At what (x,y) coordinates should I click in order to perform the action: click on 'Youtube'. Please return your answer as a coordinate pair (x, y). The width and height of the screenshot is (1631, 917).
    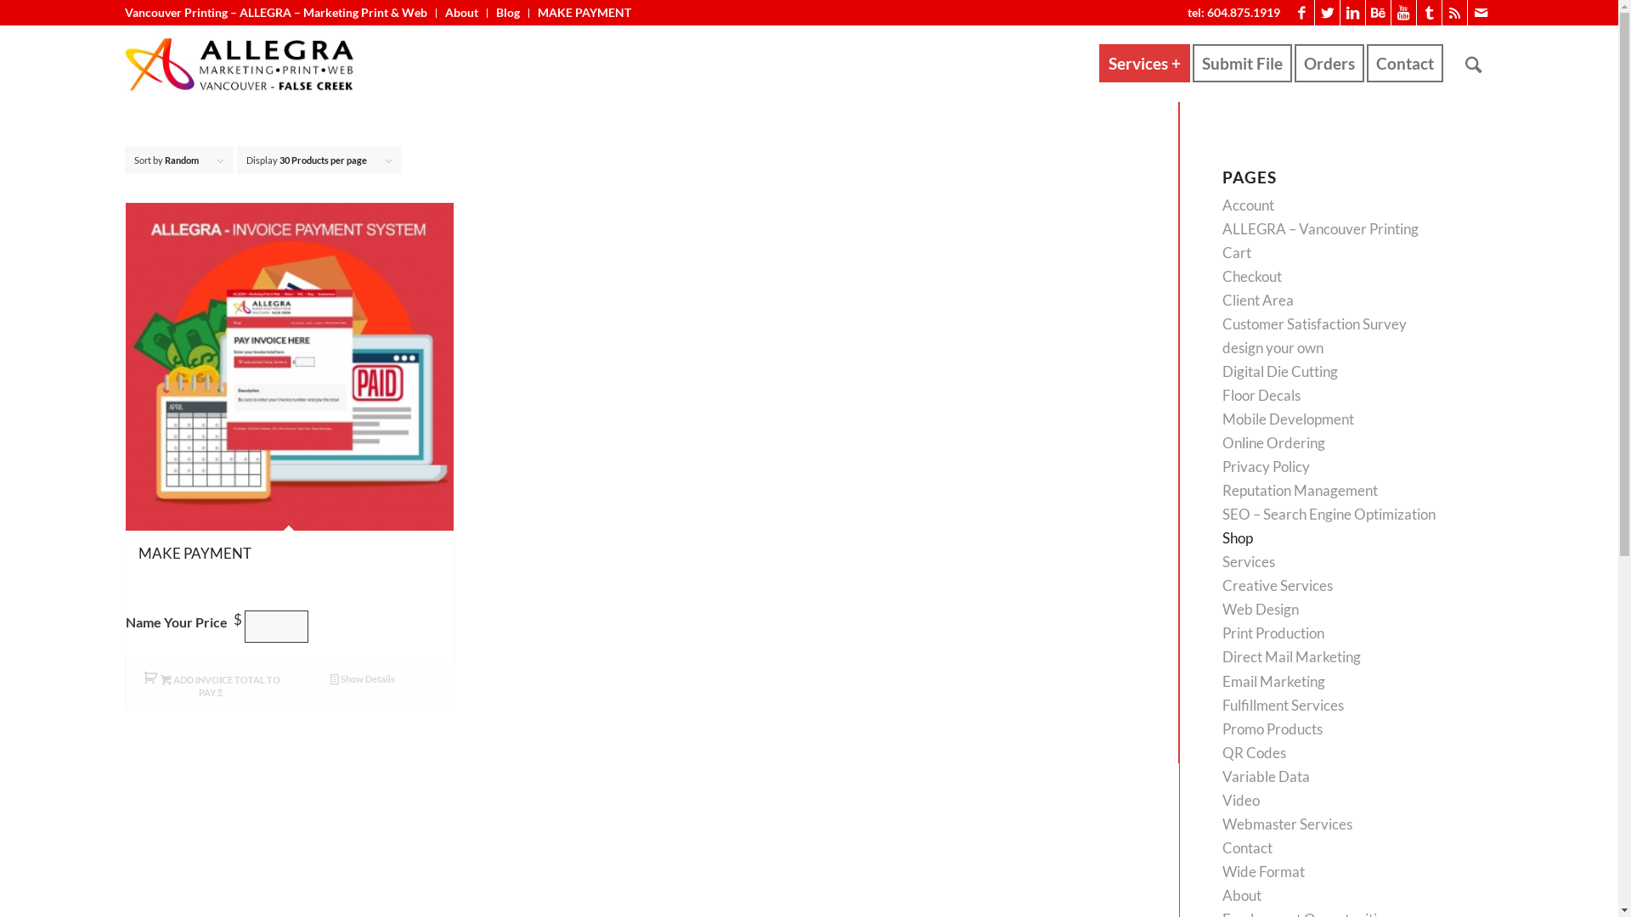
    Looking at the image, I should click on (1403, 13).